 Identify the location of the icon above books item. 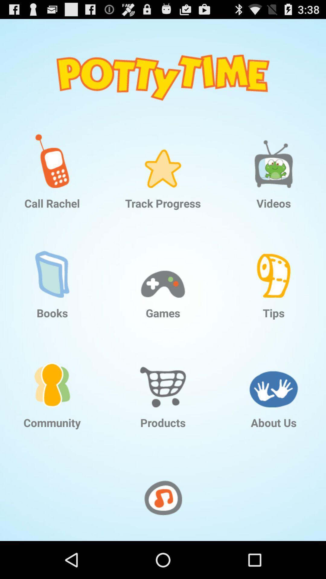
(52, 266).